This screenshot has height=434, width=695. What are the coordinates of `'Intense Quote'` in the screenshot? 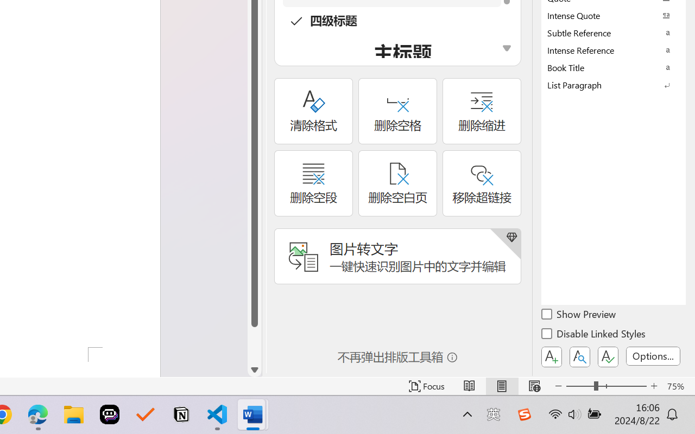 It's located at (614, 15).